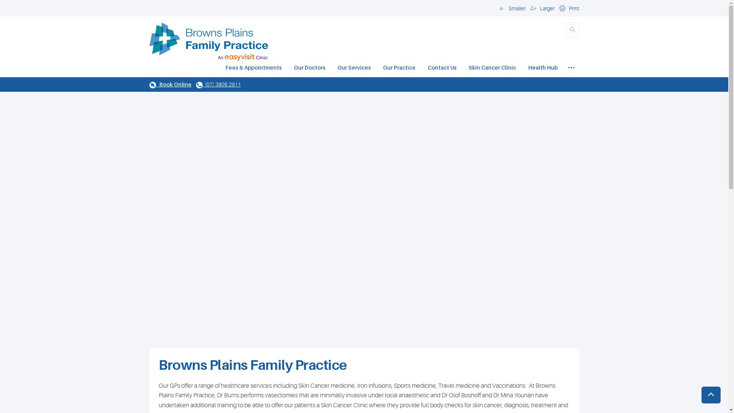 Image resolution: width=734 pixels, height=413 pixels. Describe the element at coordinates (442, 68) in the screenshot. I see `'Contact Us'` at that location.